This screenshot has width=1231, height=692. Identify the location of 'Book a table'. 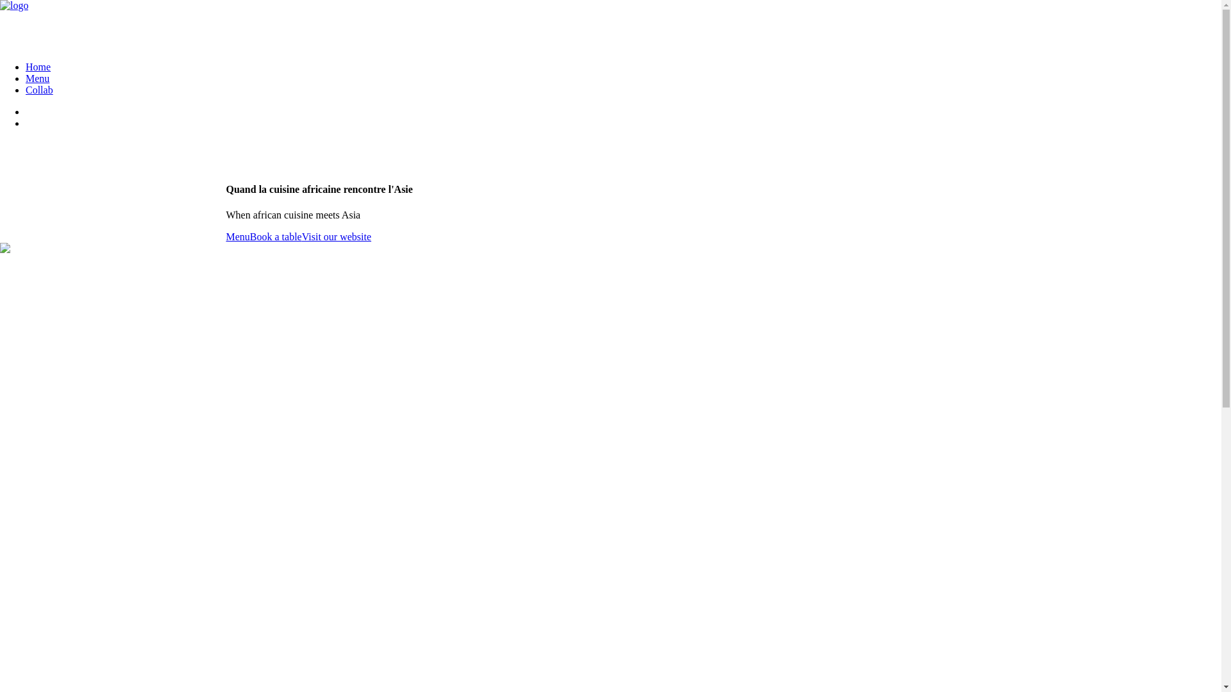
(275, 236).